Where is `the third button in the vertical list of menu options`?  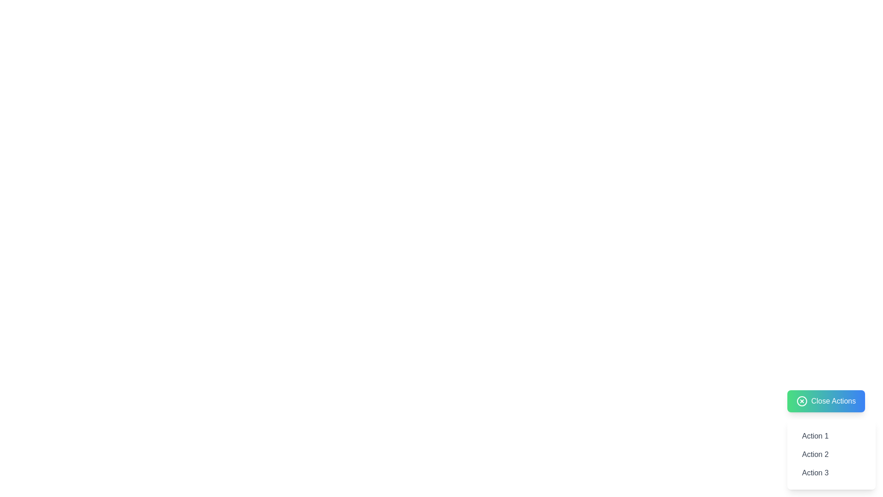
the third button in the vertical list of menu options is located at coordinates (831, 473).